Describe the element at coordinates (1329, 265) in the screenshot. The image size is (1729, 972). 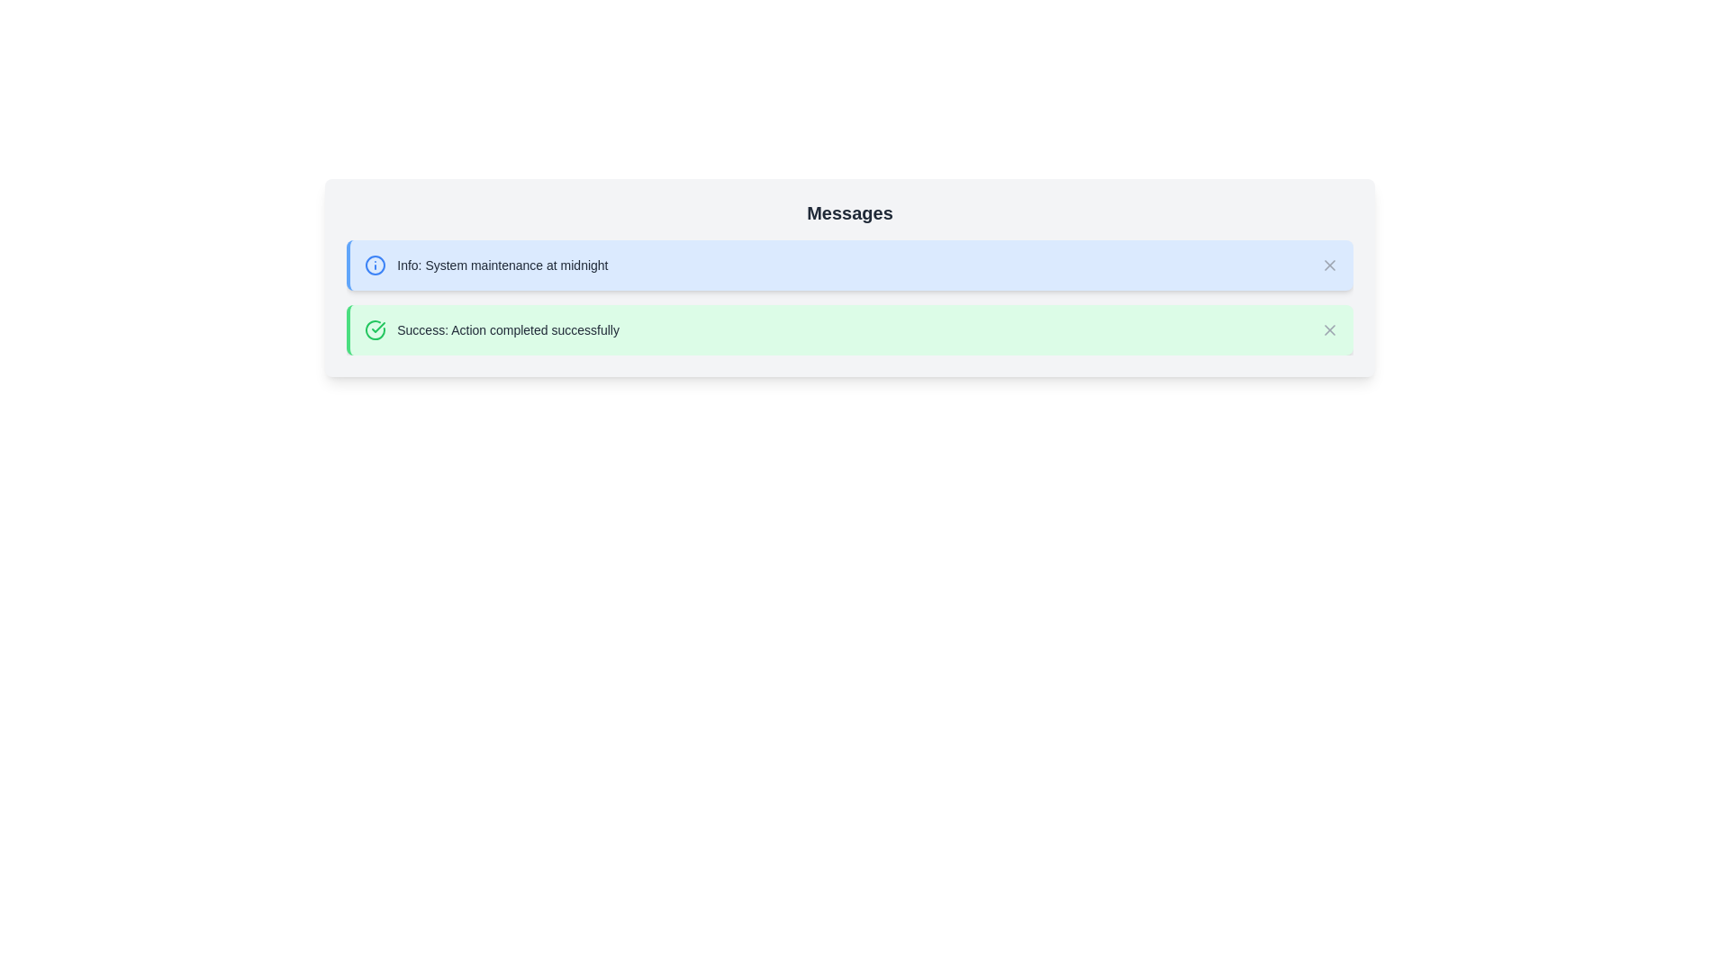
I see `the Close button, represented as an 'X' icon, located at the far right of the notification box displaying the message 'Info: System maintenance at midnight'` at that location.